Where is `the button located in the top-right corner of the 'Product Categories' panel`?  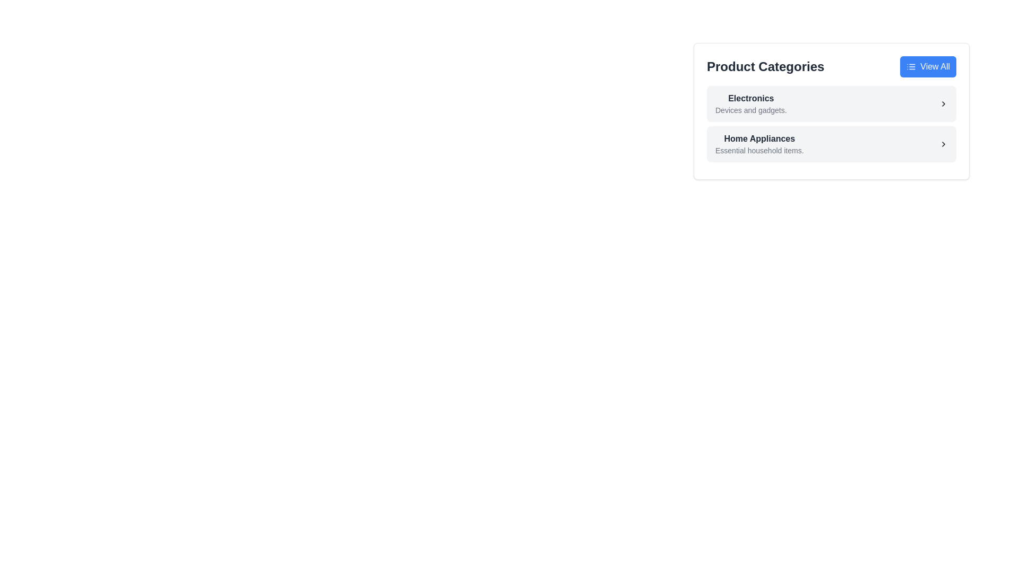 the button located in the top-right corner of the 'Product Categories' panel is located at coordinates (928, 67).